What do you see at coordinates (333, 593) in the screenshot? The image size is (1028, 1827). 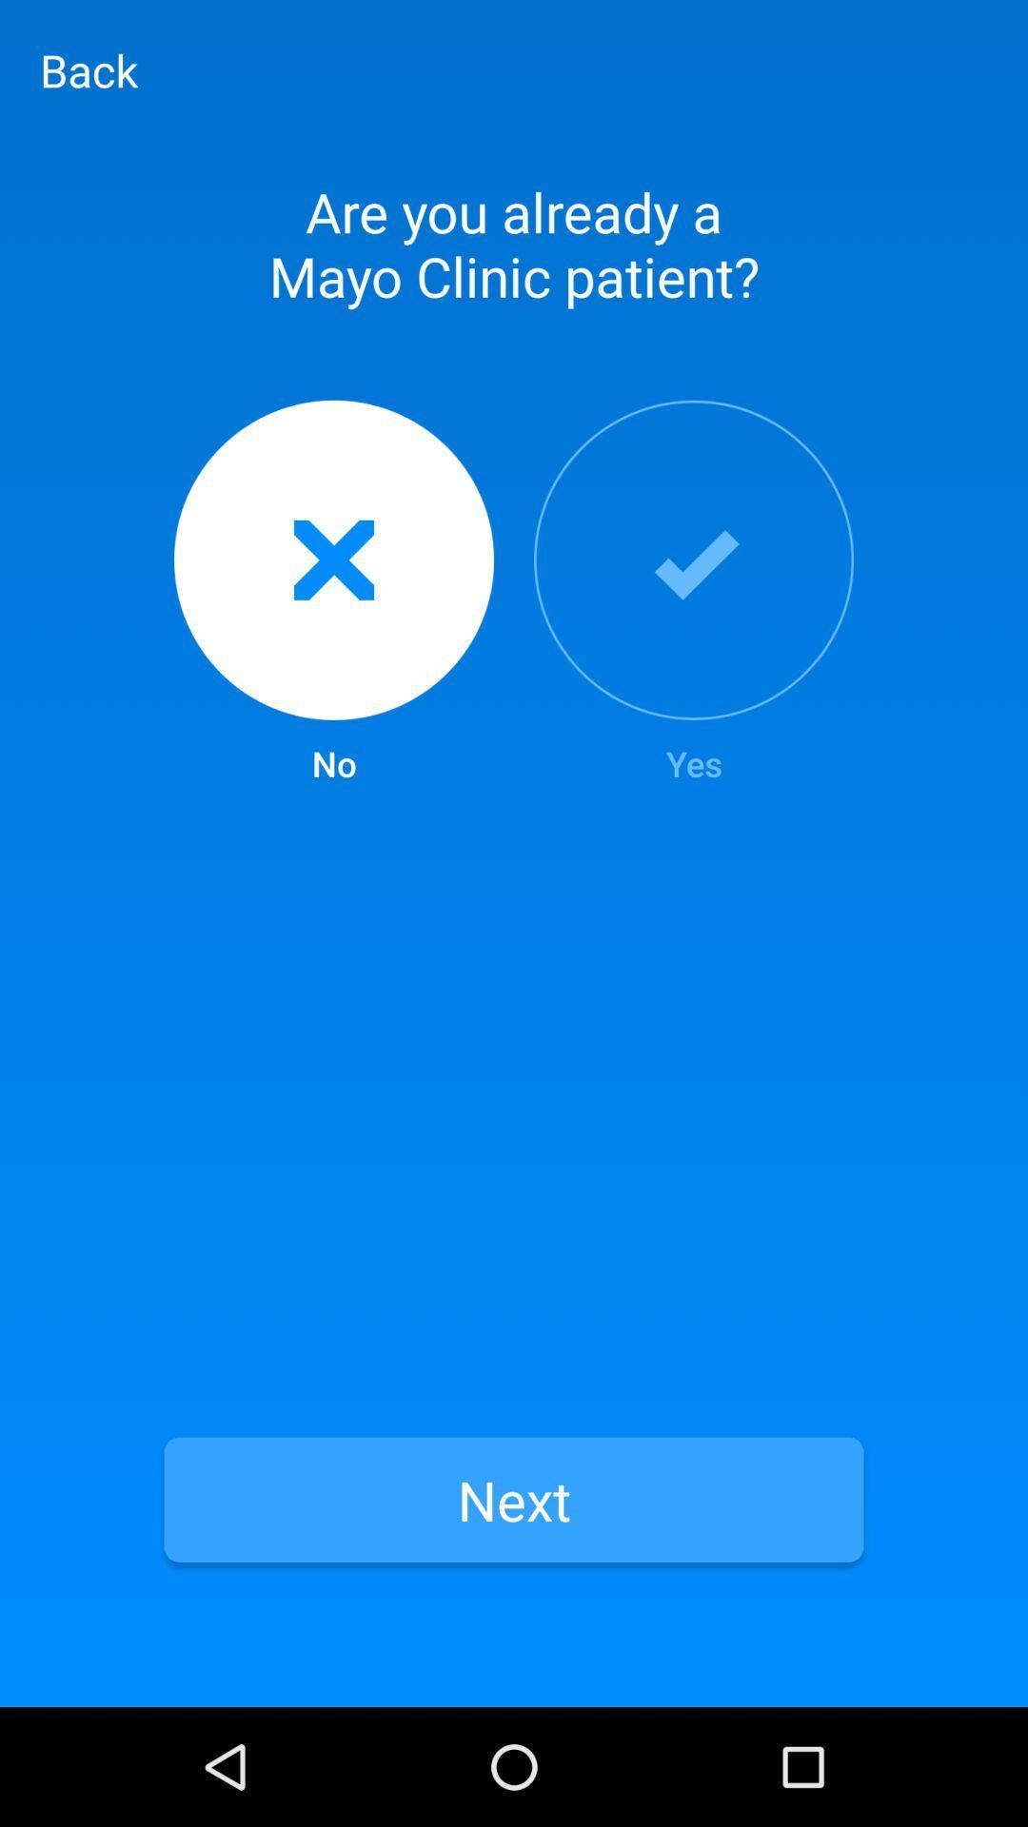 I see `icon below are you already item` at bounding box center [333, 593].